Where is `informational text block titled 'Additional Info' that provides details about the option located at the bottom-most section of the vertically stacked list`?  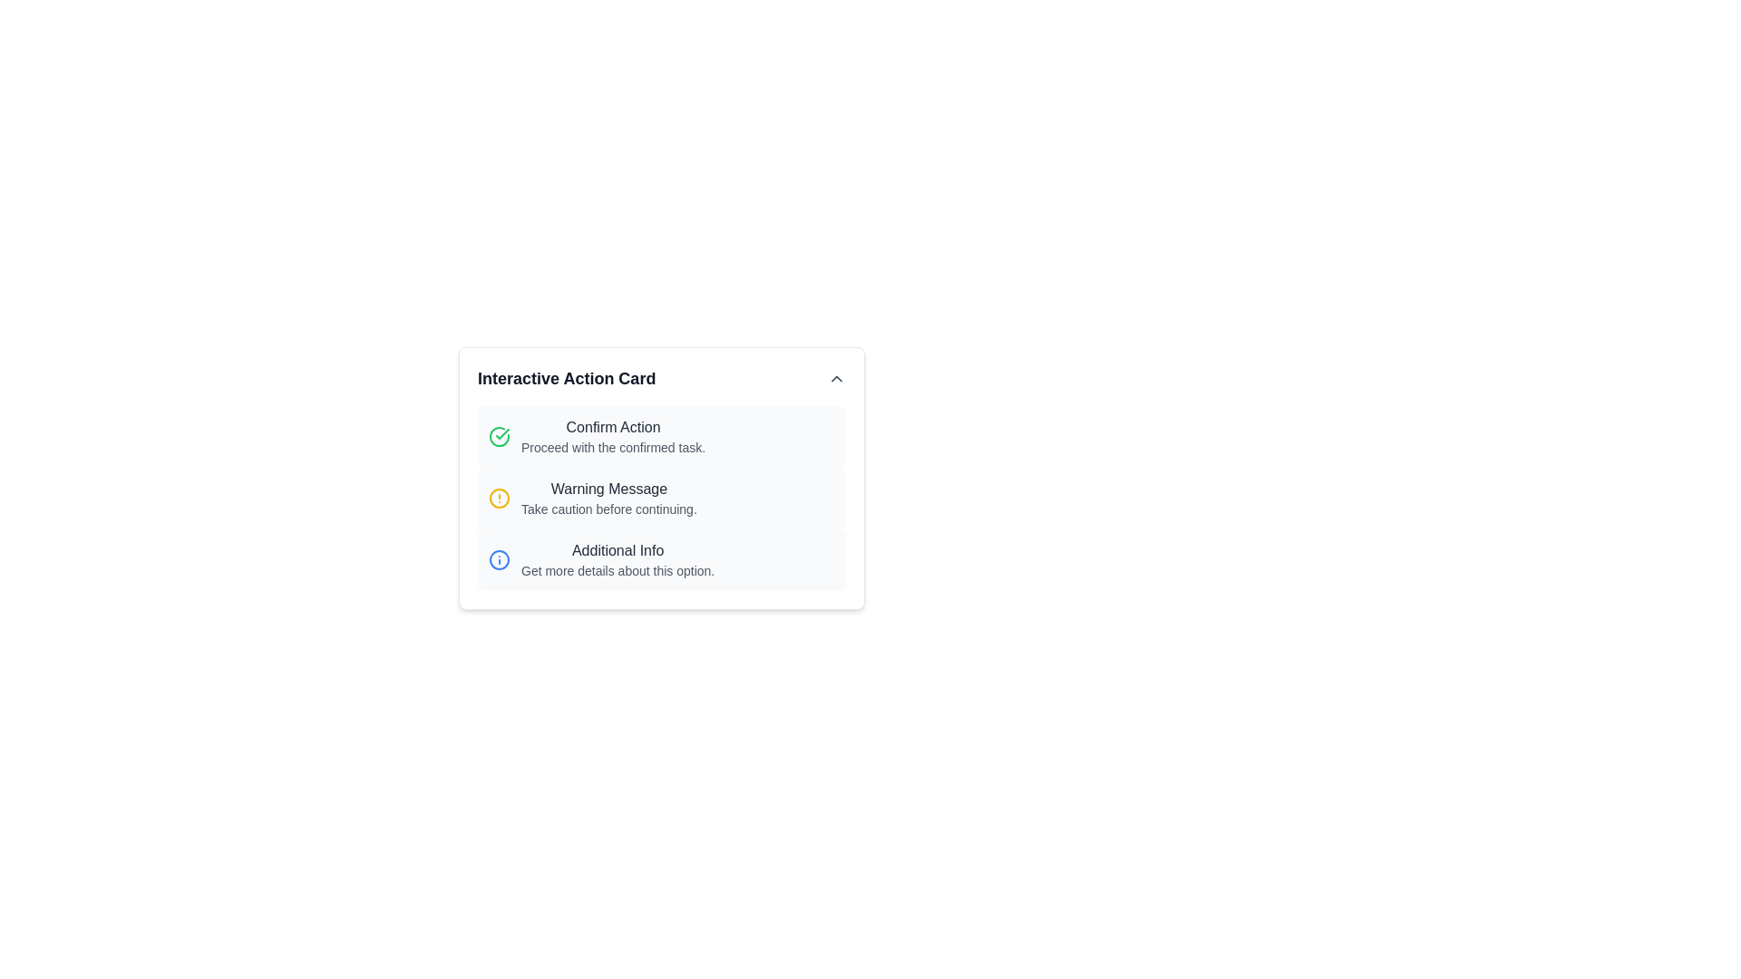 informational text block titled 'Additional Info' that provides details about the option located at the bottom-most section of the vertically stacked list is located at coordinates (618, 558).